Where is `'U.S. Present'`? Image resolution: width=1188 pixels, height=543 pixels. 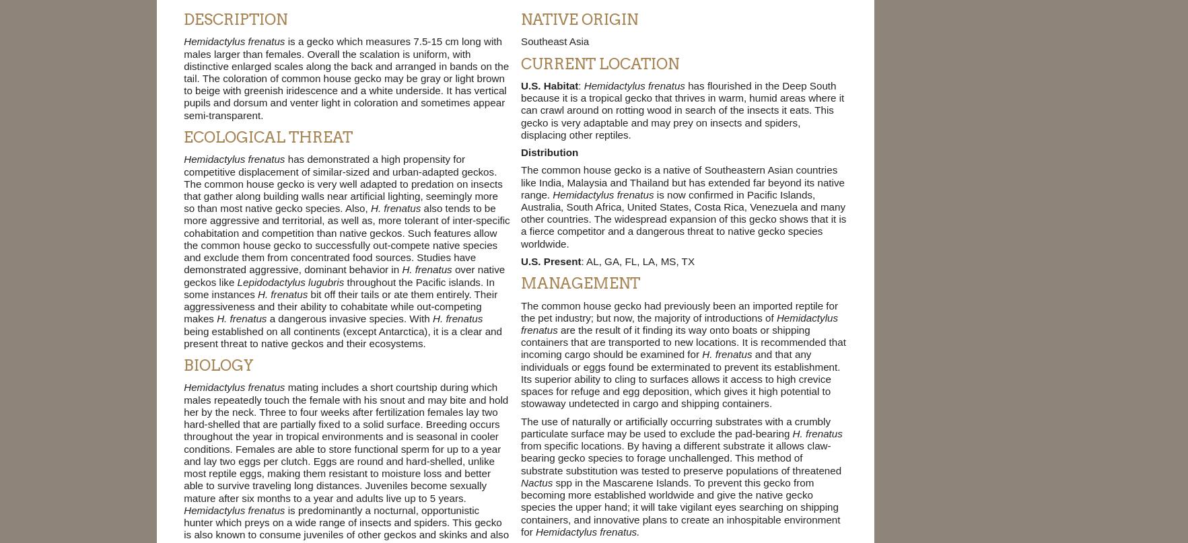
'U.S. Present' is located at coordinates (550, 260).